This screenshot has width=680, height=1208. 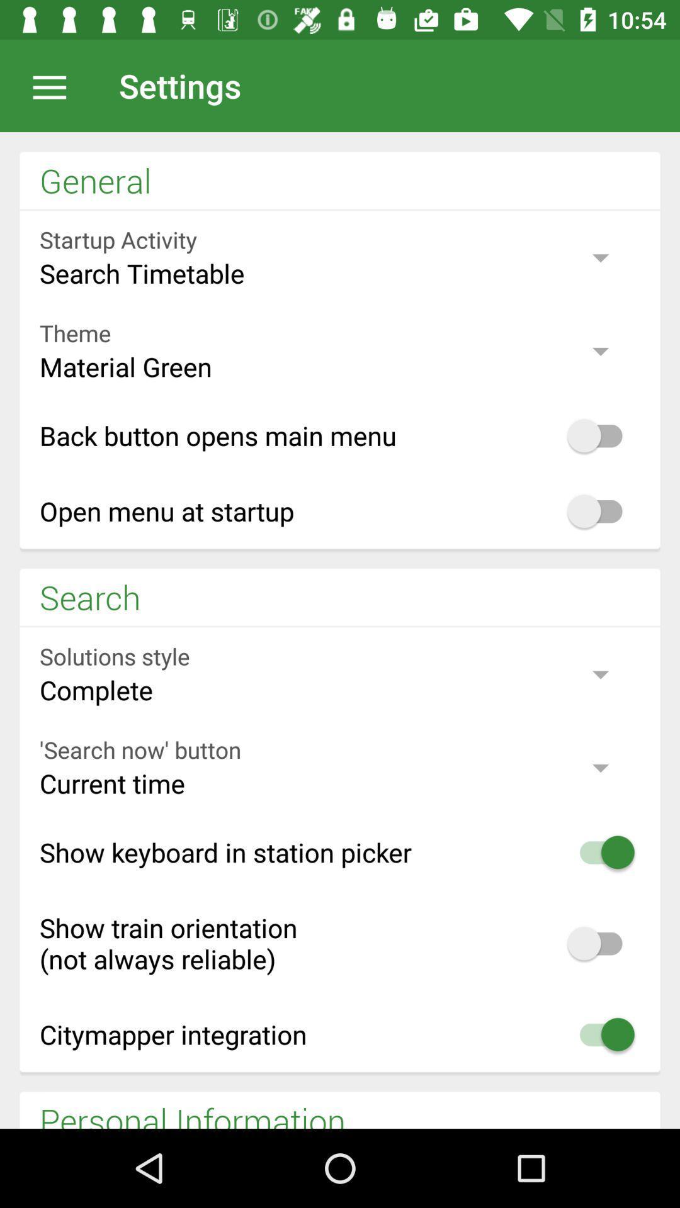 What do you see at coordinates (55, 85) in the screenshot?
I see `menu option` at bounding box center [55, 85].